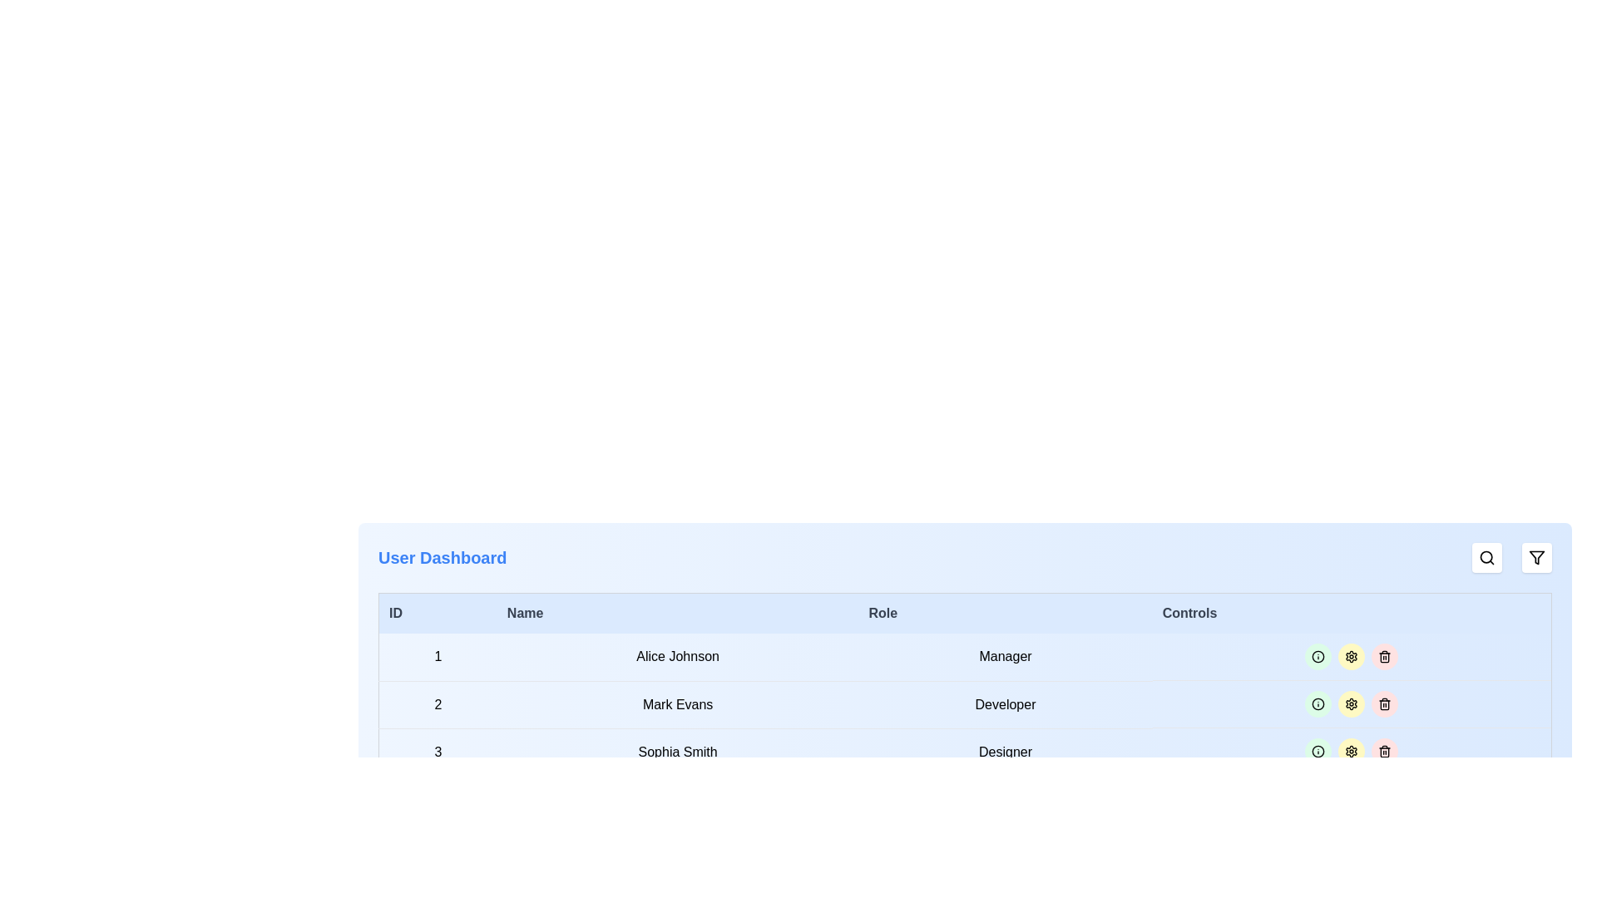 The height and width of the screenshot is (898, 1597). Describe the element at coordinates (1352, 704) in the screenshot. I see `the settings icon located in the Controls column of the table, which is the middle icon among three in a horizontal layout` at that location.